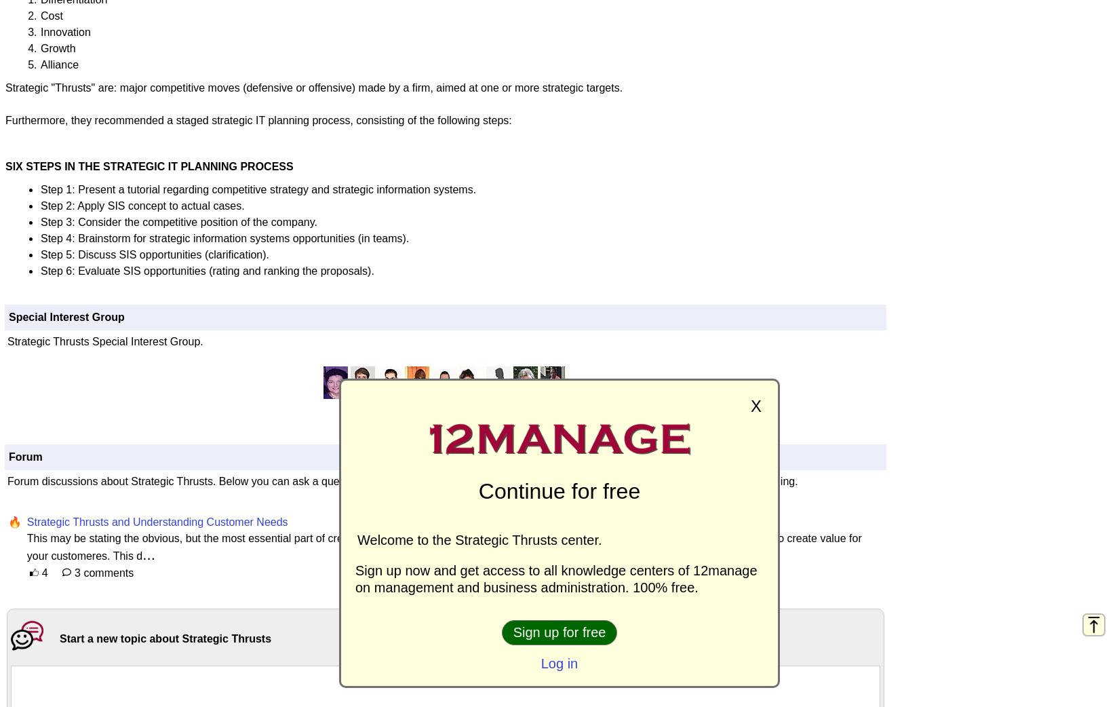 Image resolution: width=1119 pixels, height=707 pixels. Describe the element at coordinates (178, 221) in the screenshot. I see `'Step 3: Consider the competitive position of the company.'` at that location.